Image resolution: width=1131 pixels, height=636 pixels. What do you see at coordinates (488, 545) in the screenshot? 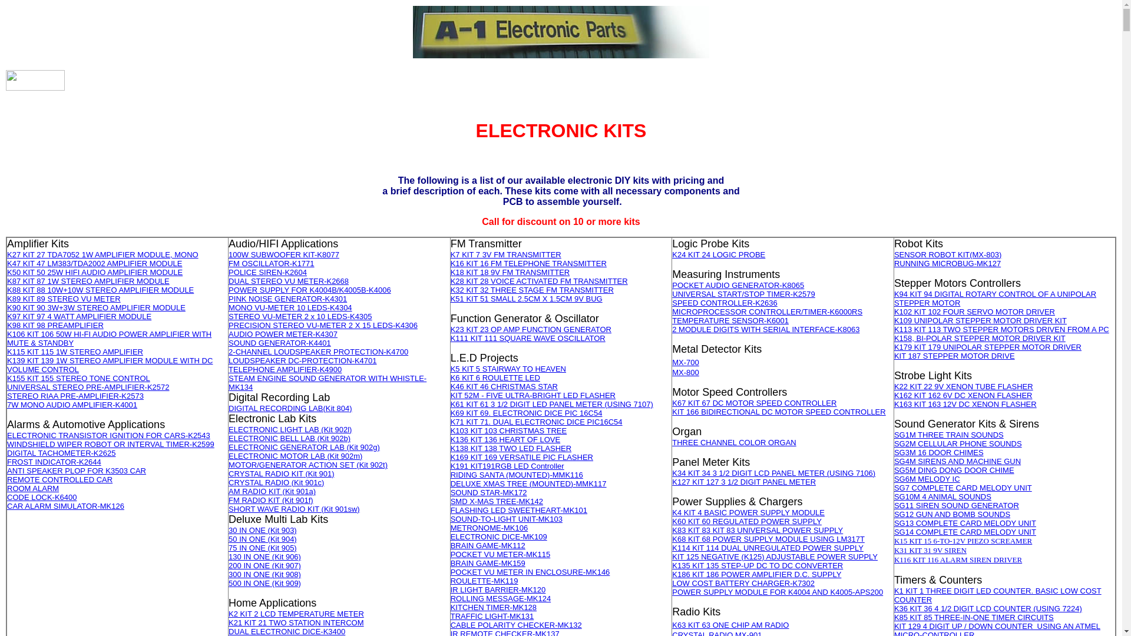
I see `'BRAIN GAME-MK112'` at bounding box center [488, 545].